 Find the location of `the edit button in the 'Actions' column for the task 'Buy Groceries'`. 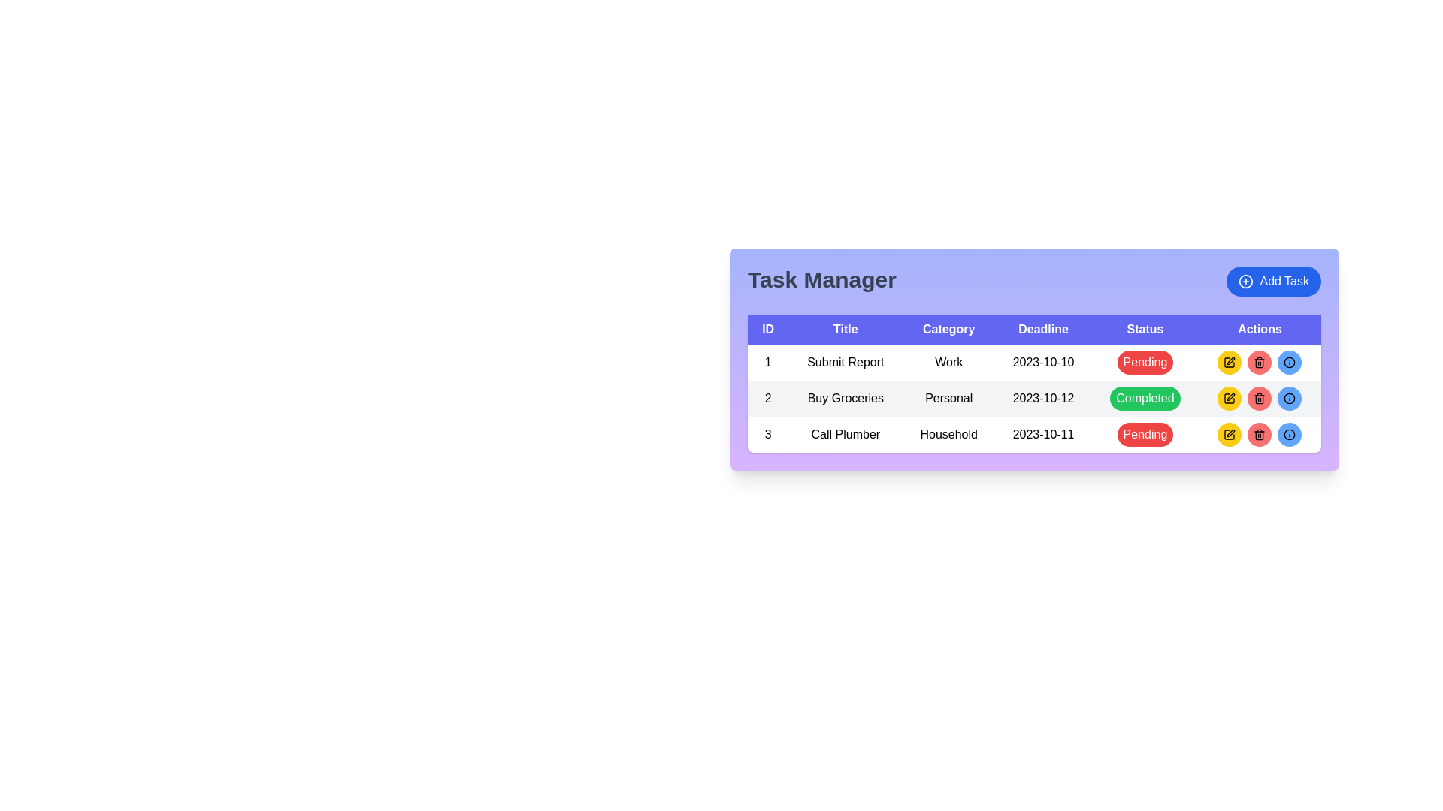

the edit button in the 'Actions' column for the task 'Buy Groceries' is located at coordinates (1230, 398).